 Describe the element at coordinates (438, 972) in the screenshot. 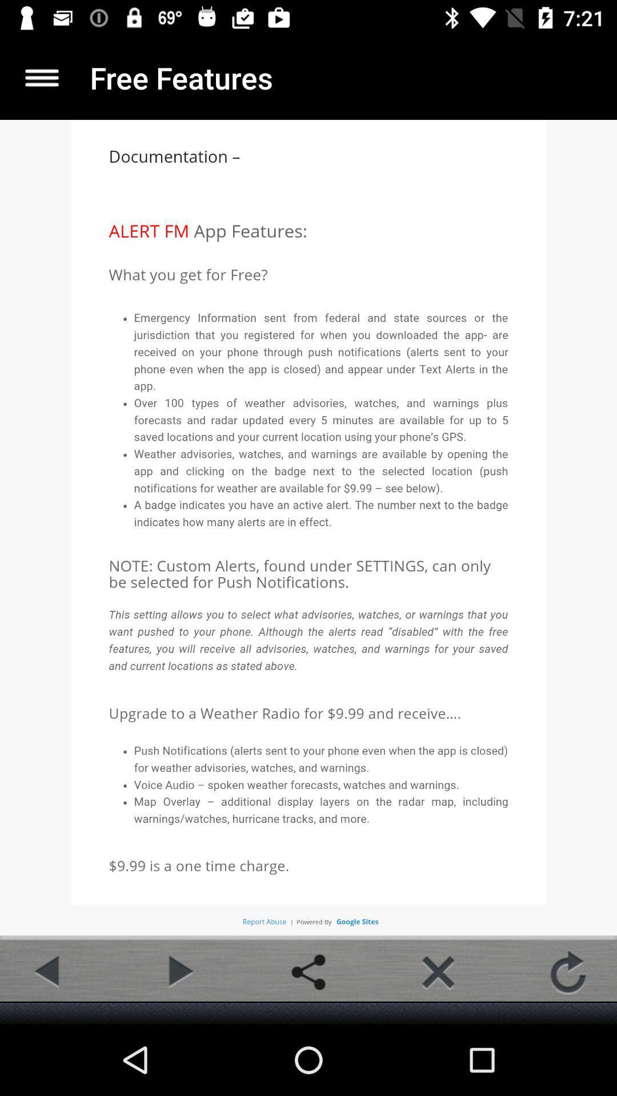

I see `colse button` at that location.